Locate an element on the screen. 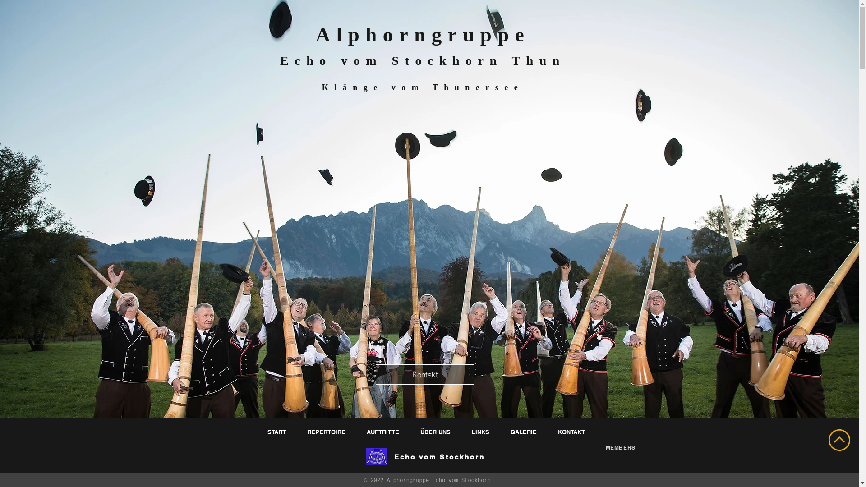 This screenshot has height=487, width=866. 'AUFTRITTE' is located at coordinates (384, 432).